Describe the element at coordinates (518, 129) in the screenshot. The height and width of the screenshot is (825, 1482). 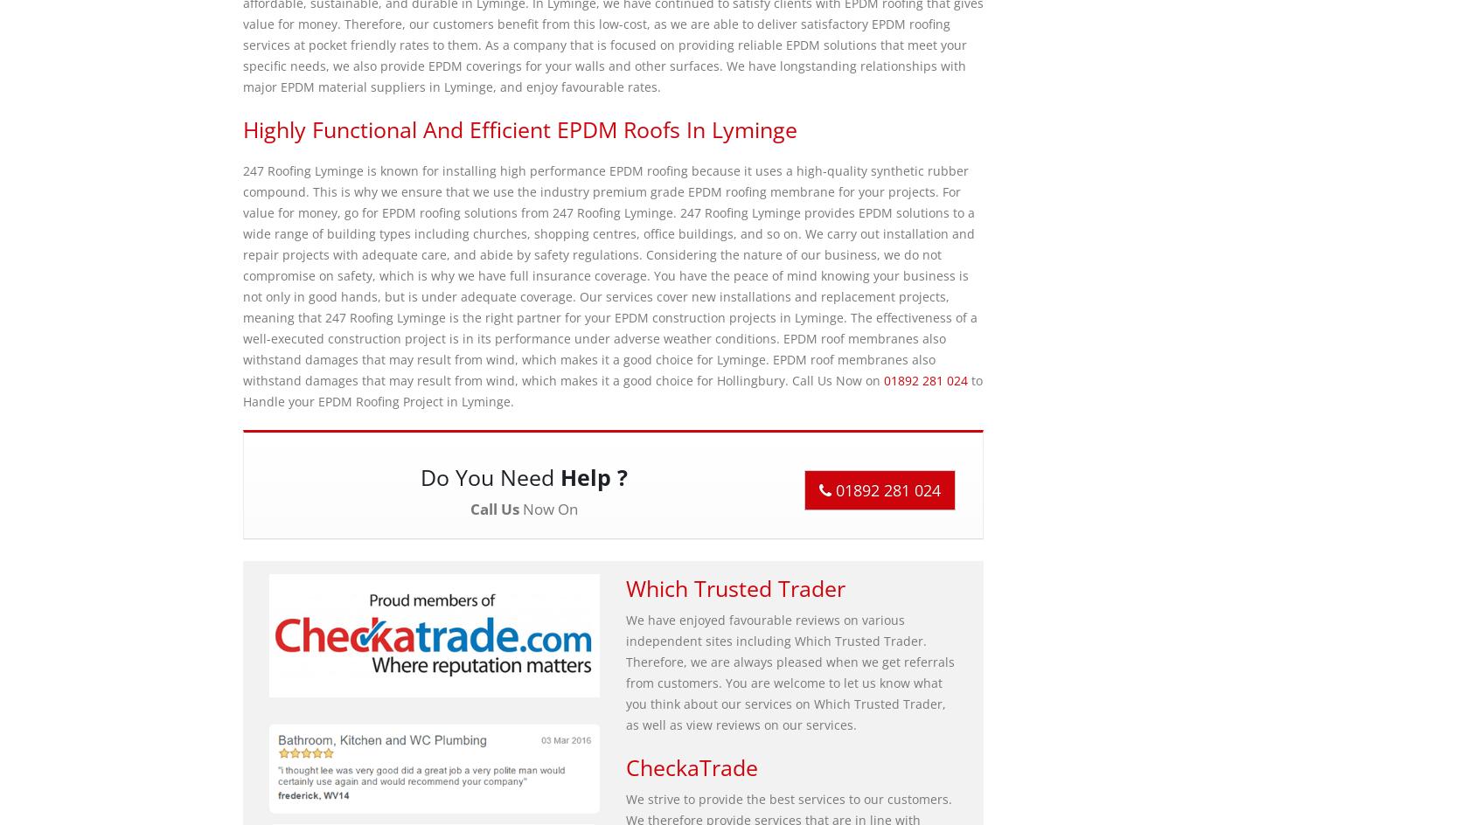
I see `'Highly Functional and Efficient EPDM Roofs in Lyminge'` at that location.